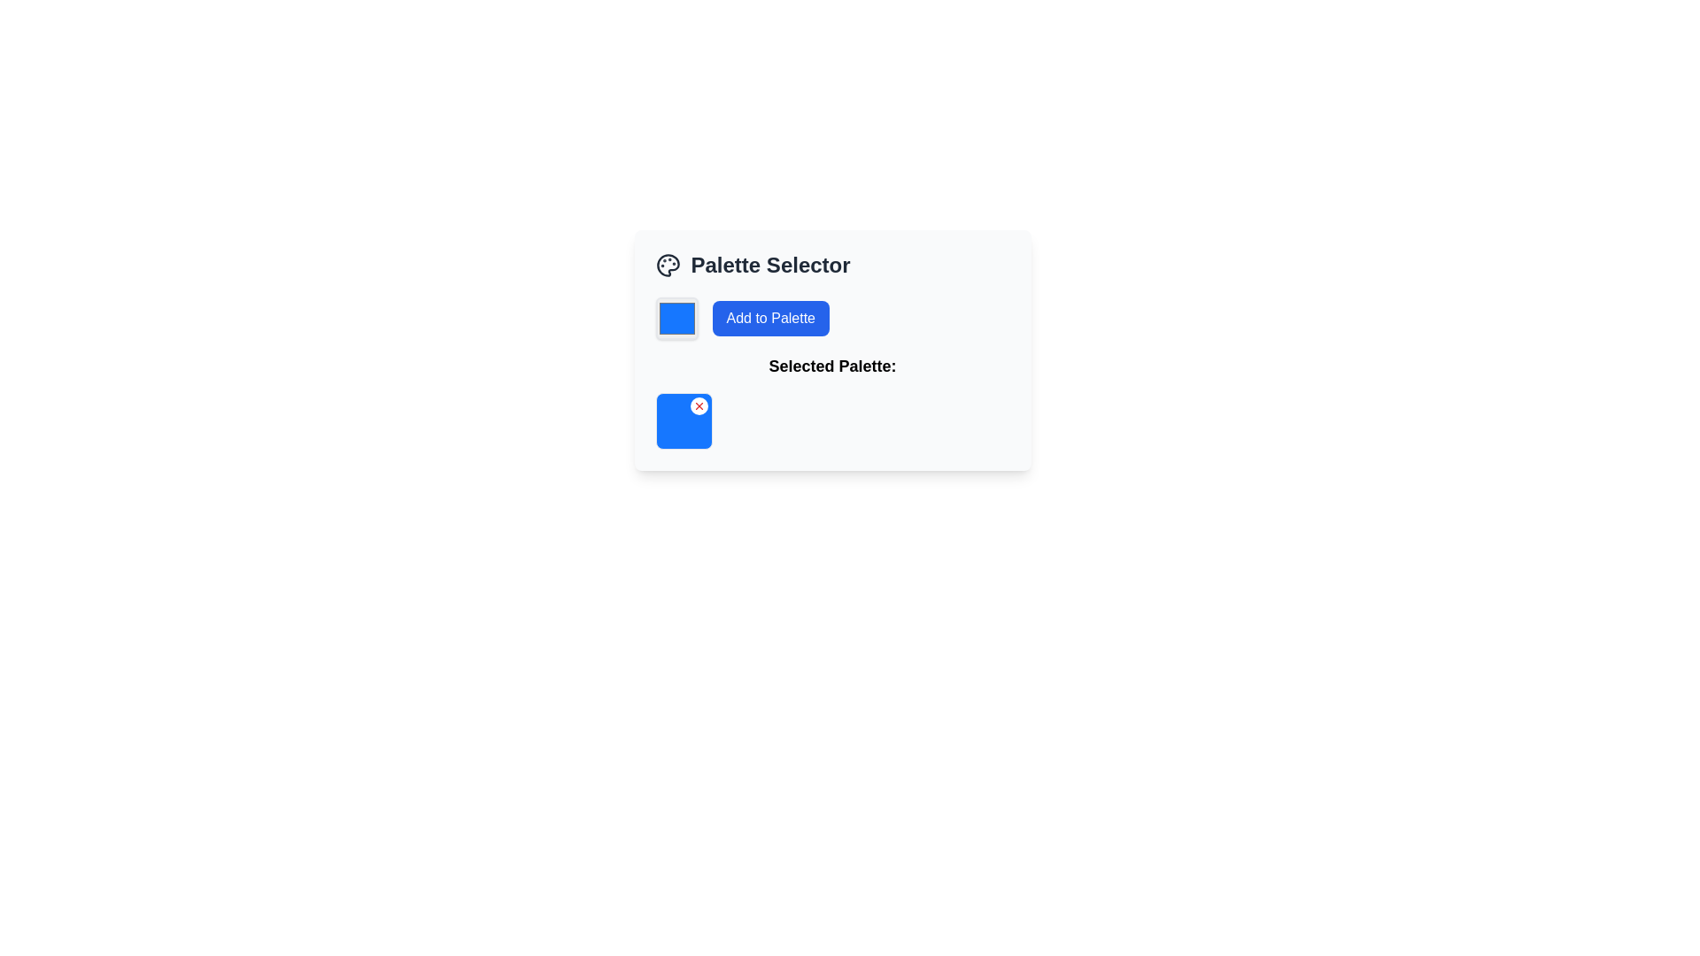  I want to click on the 'Add to Palette' button located in the upper-right area of the 'Palette Selector' panel for accessibility, so click(770, 317).